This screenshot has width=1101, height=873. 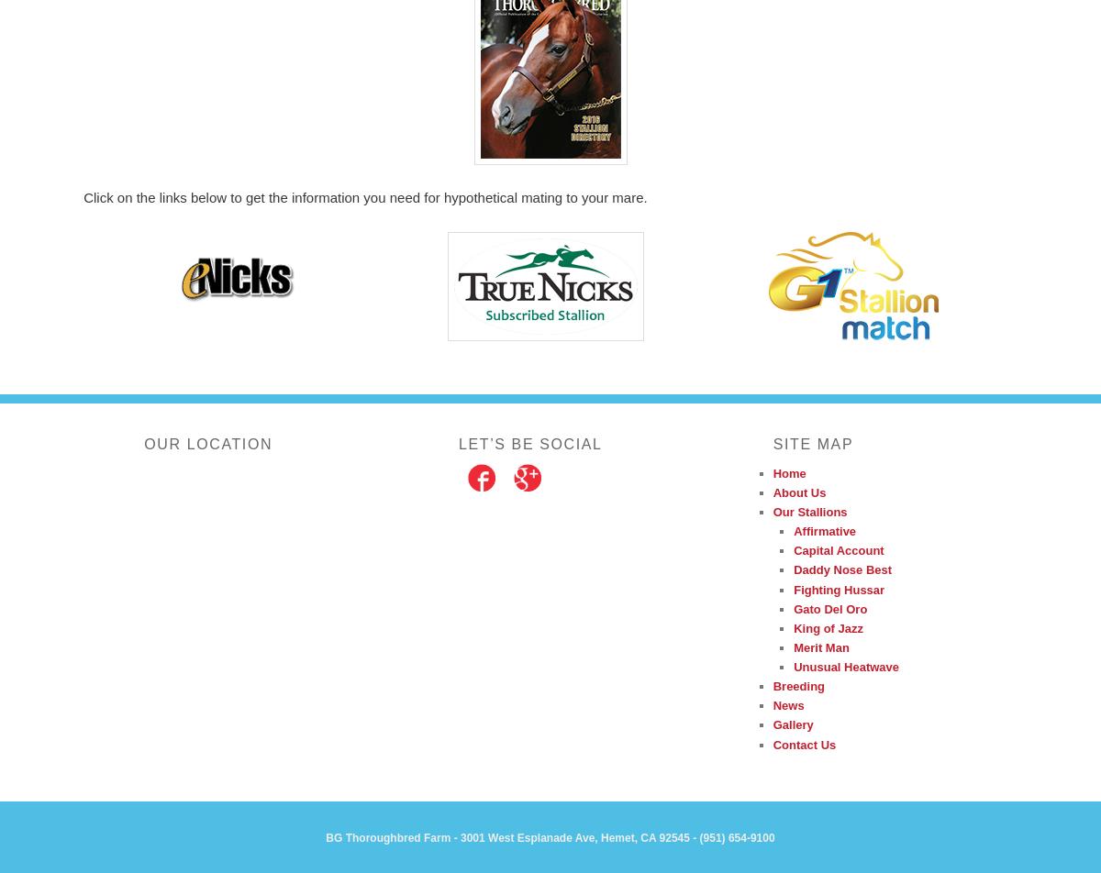 I want to click on 'Gallery', so click(x=792, y=724).